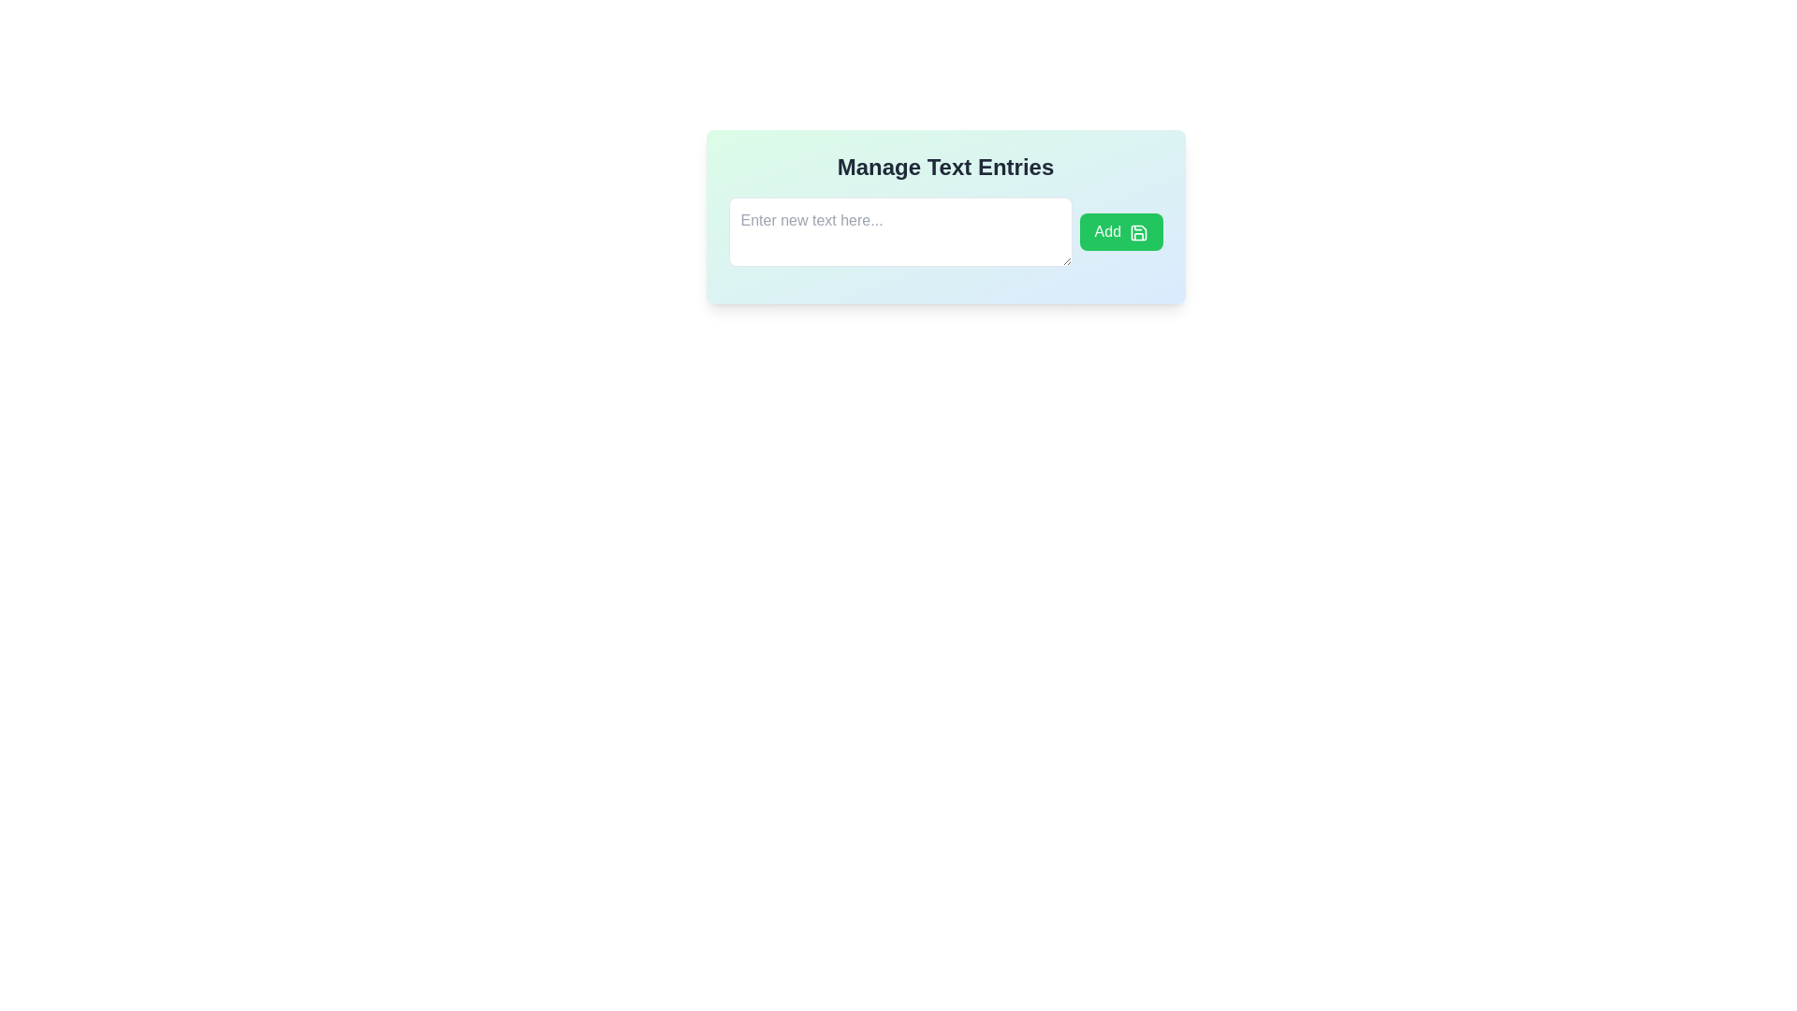 The height and width of the screenshot is (1011, 1797). Describe the element at coordinates (1121, 230) in the screenshot. I see `the green 'Add' button with a save icon, located to the right of the text input field in the 'Manage Text Entries' box` at that location.